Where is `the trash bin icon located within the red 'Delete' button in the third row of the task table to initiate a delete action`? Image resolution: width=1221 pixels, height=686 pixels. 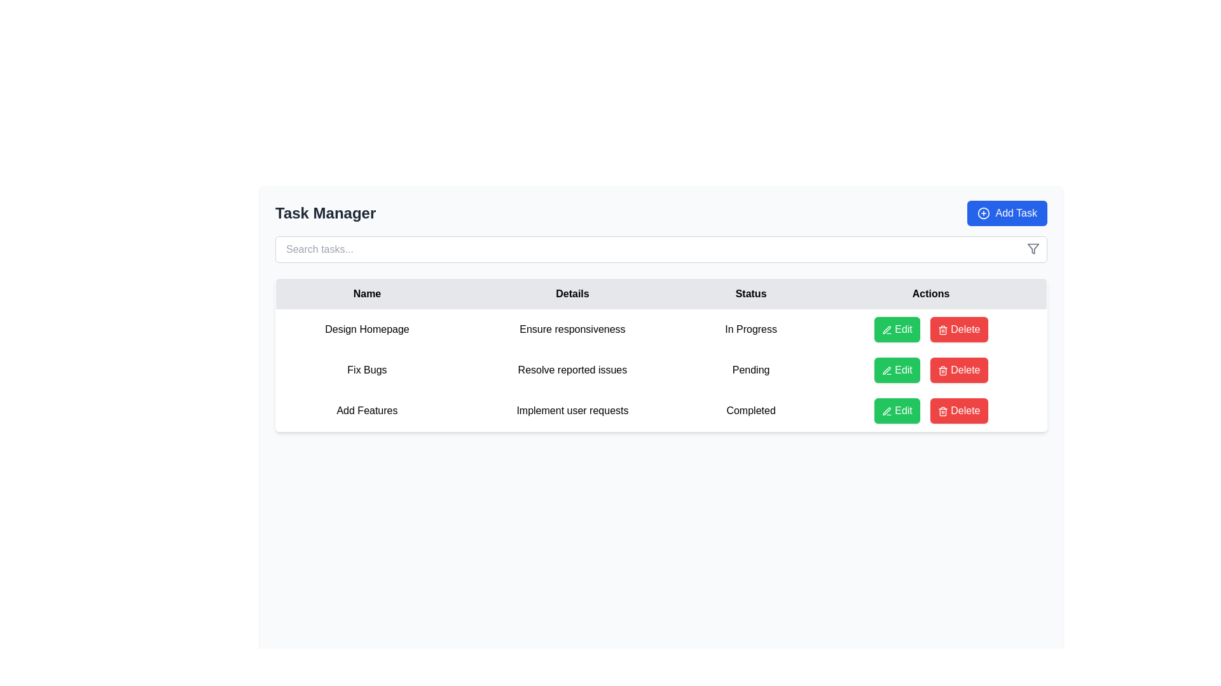 the trash bin icon located within the red 'Delete' button in the third row of the task table to initiate a delete action is located at coordinates (942, 329).